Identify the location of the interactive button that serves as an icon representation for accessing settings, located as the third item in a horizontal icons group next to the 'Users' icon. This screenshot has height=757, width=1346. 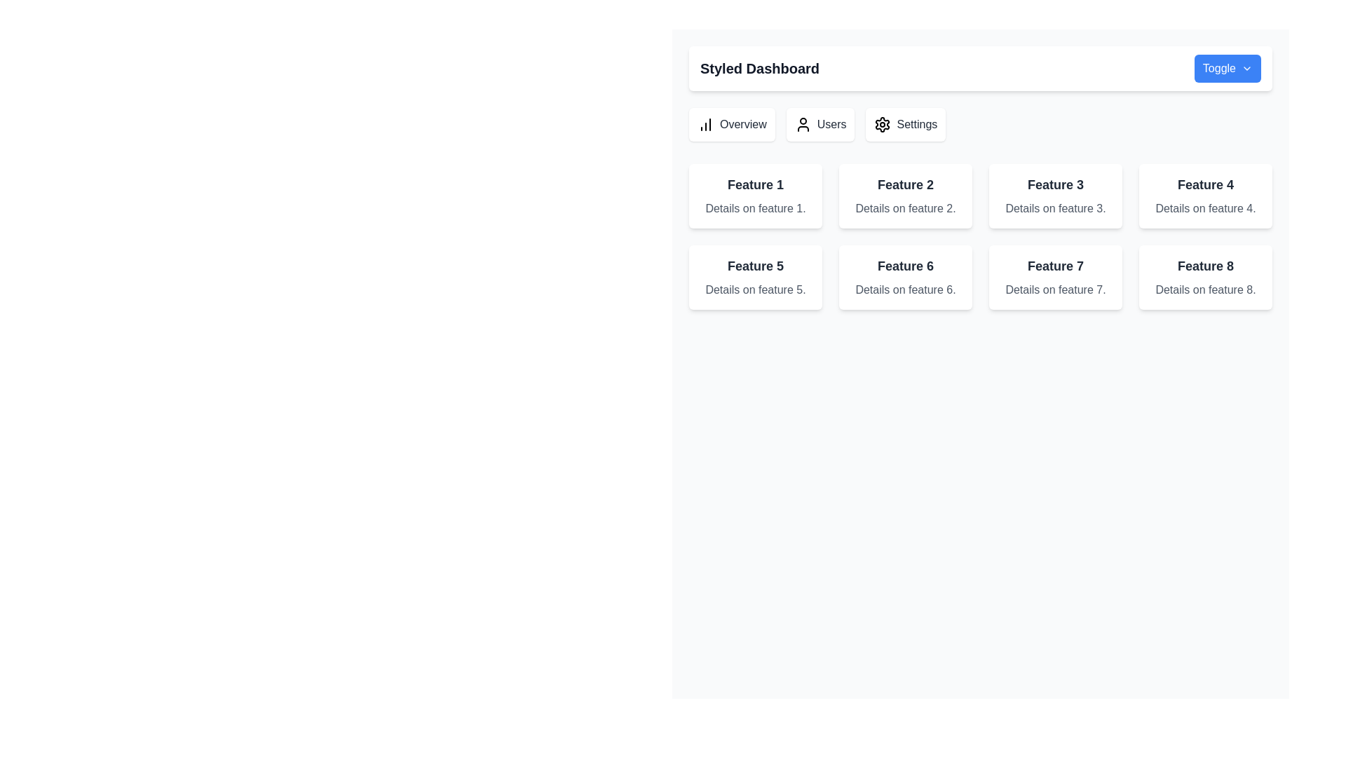
(881, 123).